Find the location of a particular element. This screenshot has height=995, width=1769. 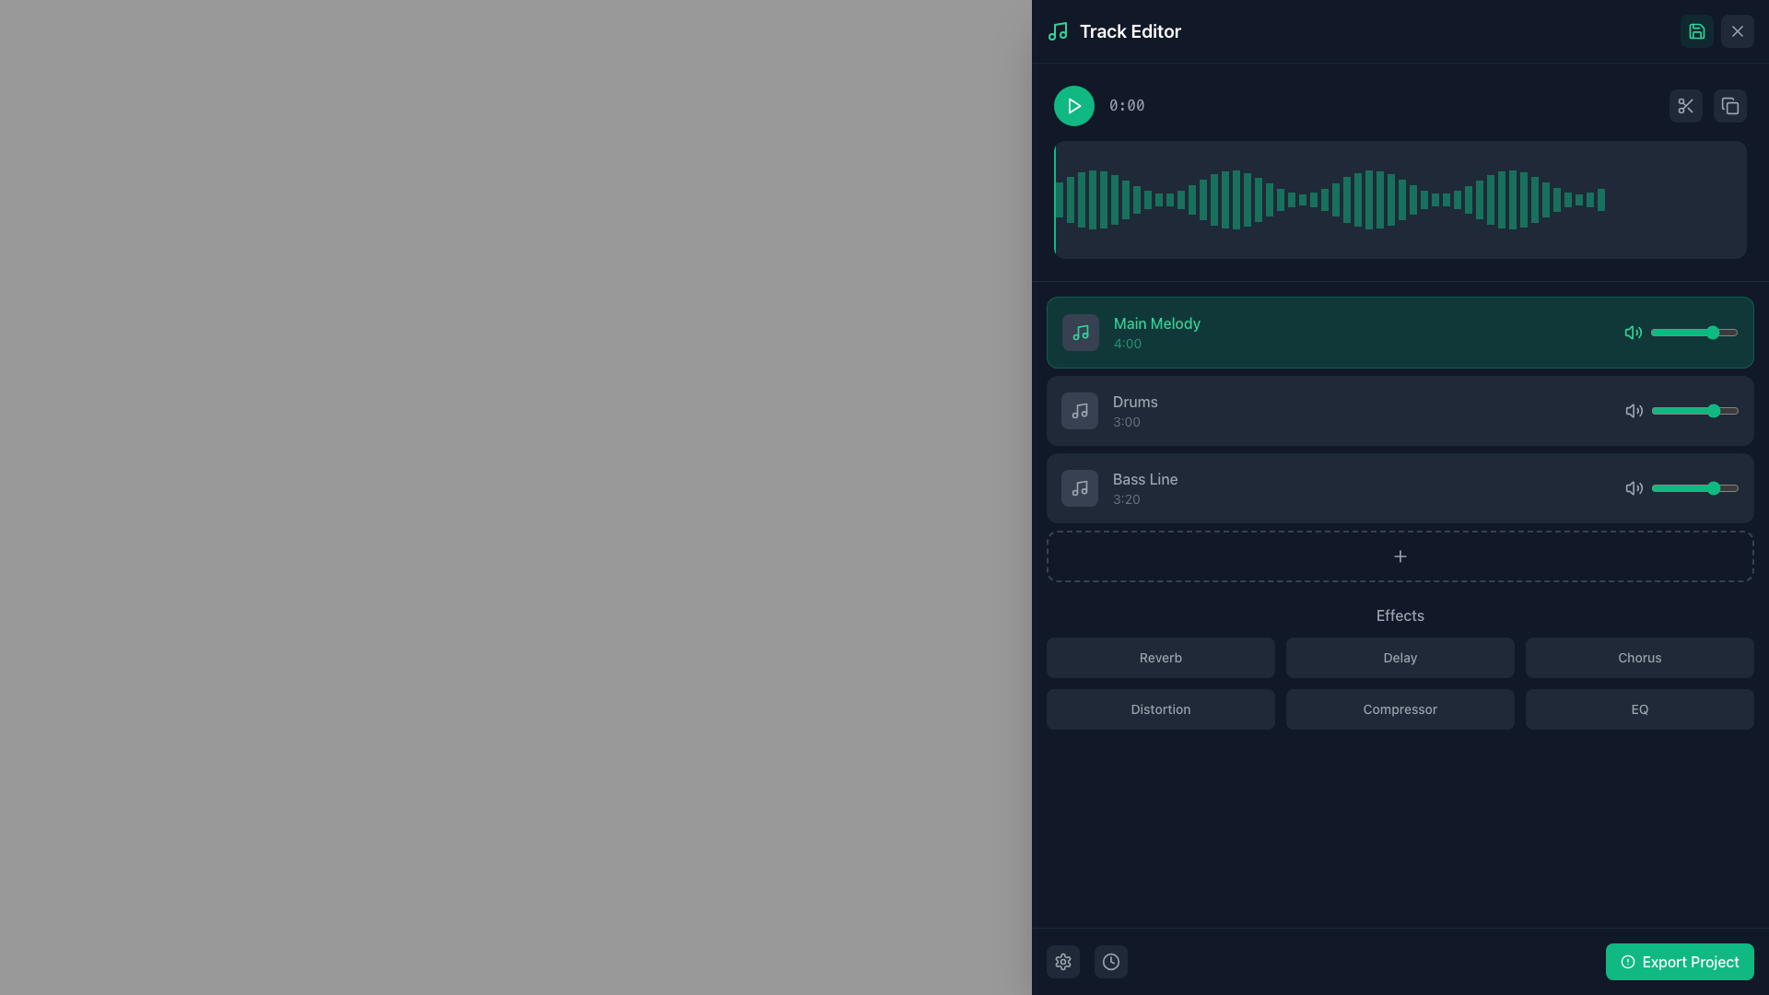

the rightmost button in a pair at the top-right corner of the central interaction panel is located at coordinates (1706, 106).